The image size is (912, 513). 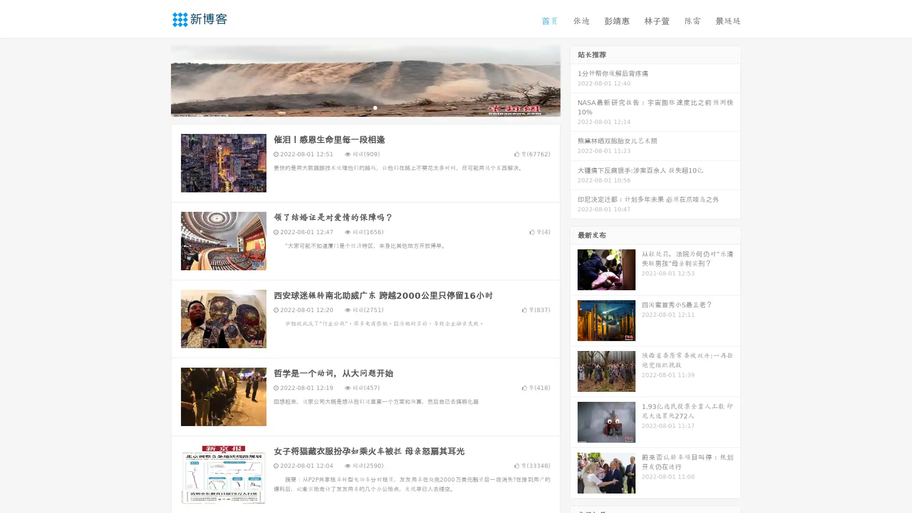 What do you see at coordinates (157, 80) in the screenshot?
I see `Previous slide` at bounding box center [157, 80].